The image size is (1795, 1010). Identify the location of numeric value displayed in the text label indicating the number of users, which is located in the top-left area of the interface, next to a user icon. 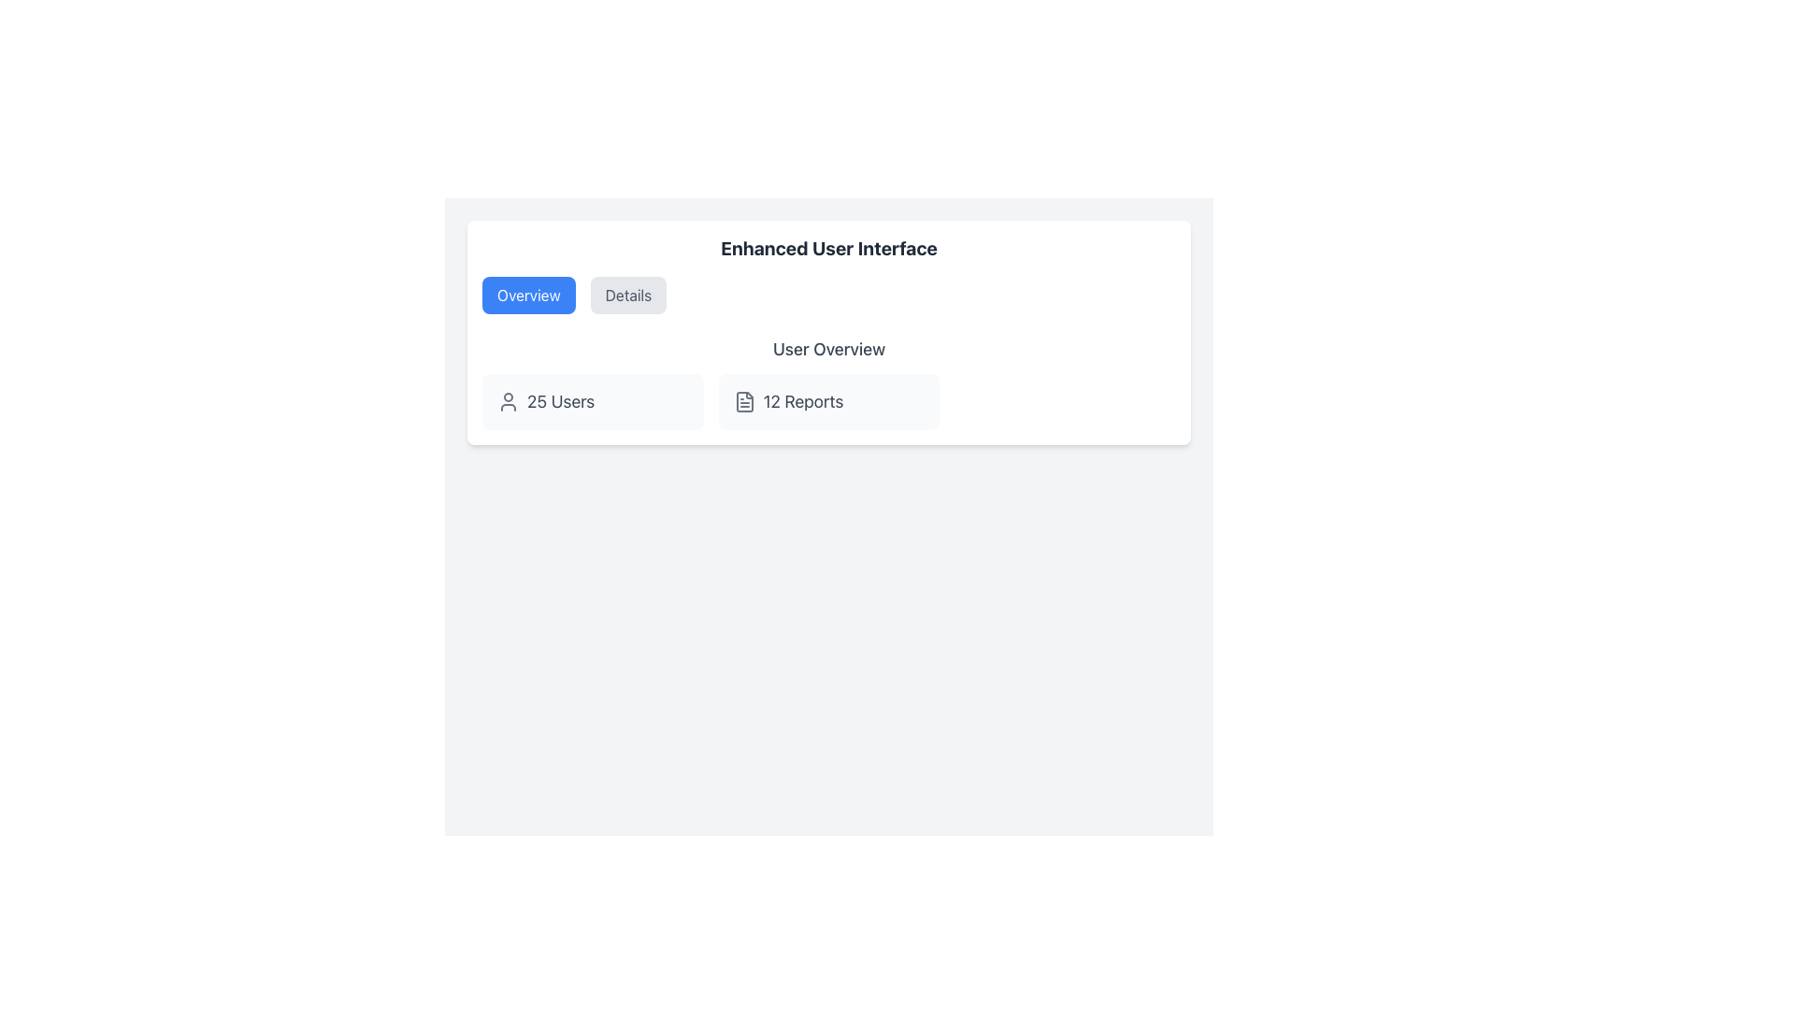
(560, 400).